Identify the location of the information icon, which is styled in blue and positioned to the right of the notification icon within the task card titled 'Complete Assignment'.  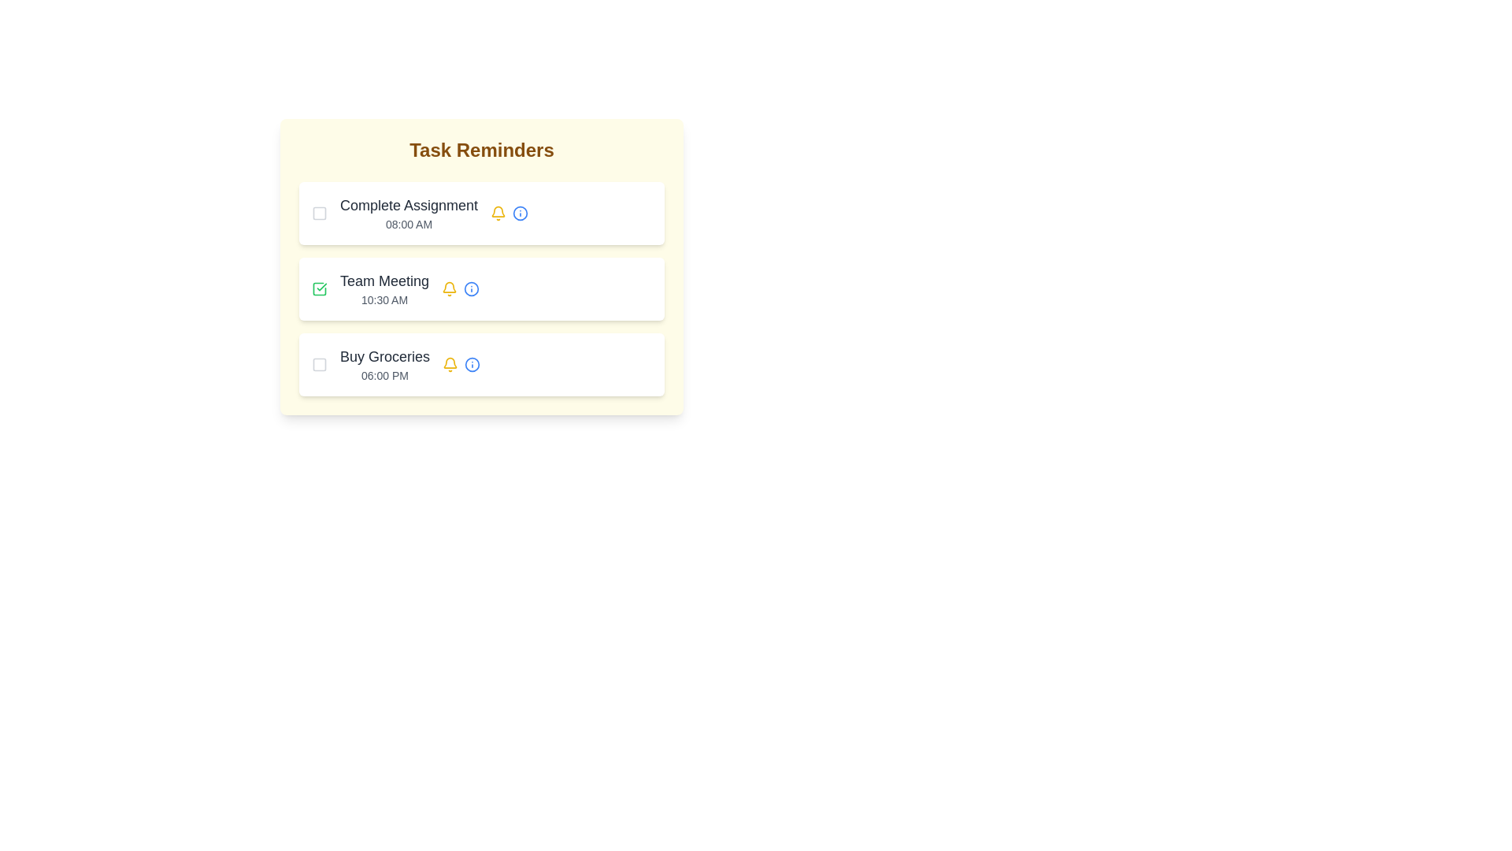
(510, 213).